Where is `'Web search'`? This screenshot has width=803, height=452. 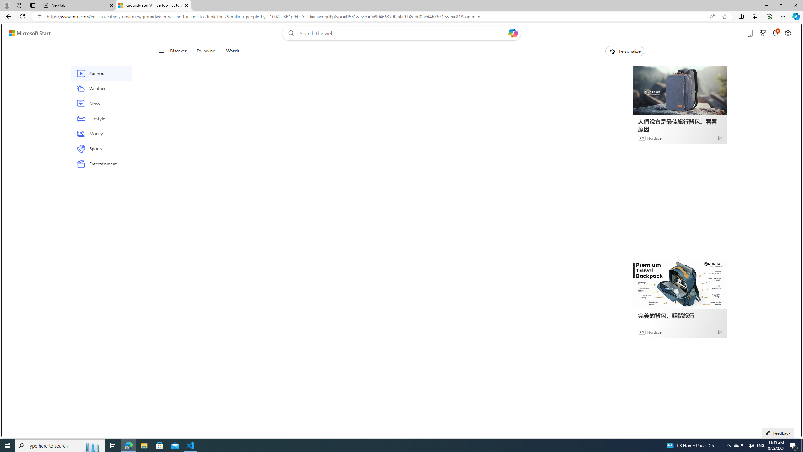 'Web search' is located at coordinates (290, 33).